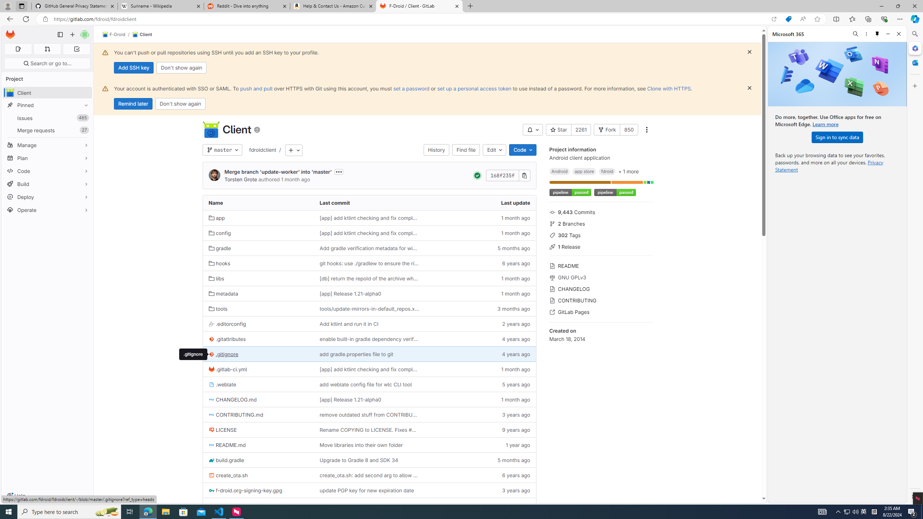  I want to click on 'Torsten Grote', so click(215, 175).